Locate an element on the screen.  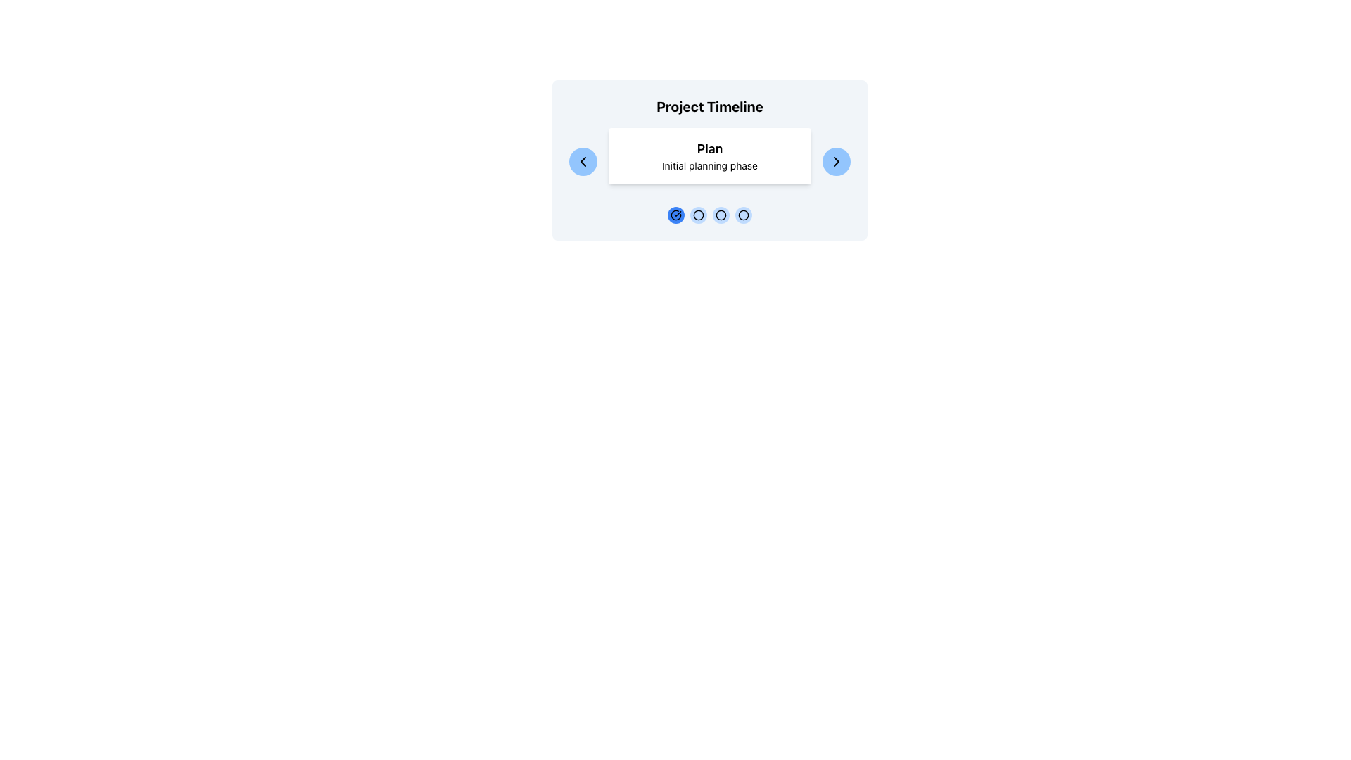
the right-facing chevron icon with a thin black stroke, located within a circular button with a light blue background, positioned to the right of the 'Plan - Initial planning phase' content in the 'Project Timeline' section is located at coordinates (837, 161).